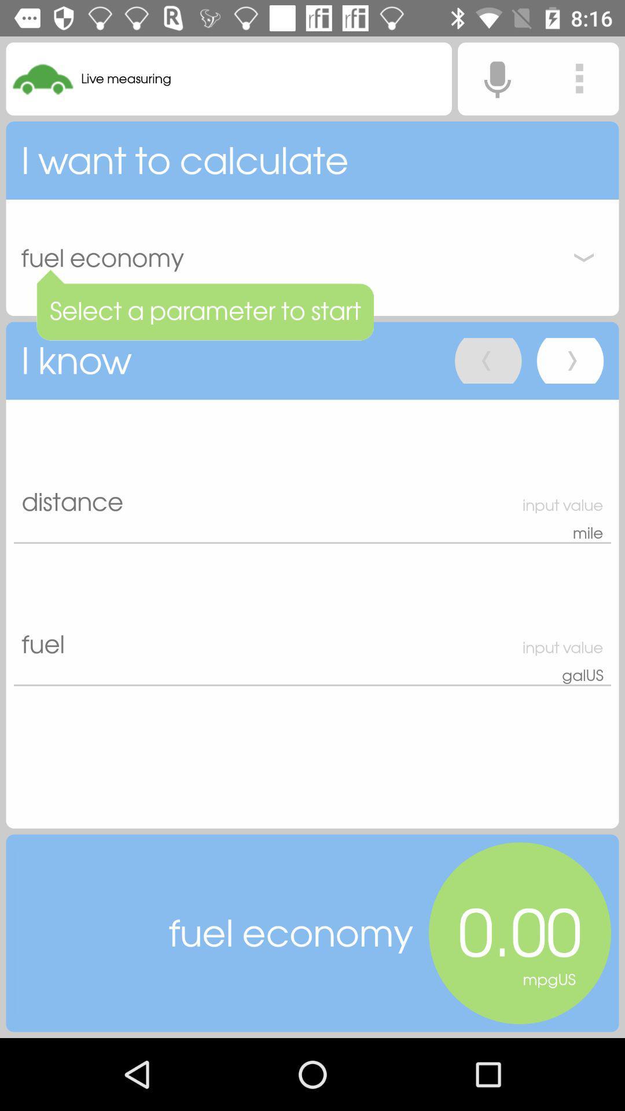 The width and height of the screenshot is (625, 1111). What do you see at coordinates (579, 78) in the screenshot?
I see `overflow action button` at bounding box center [579, 78].